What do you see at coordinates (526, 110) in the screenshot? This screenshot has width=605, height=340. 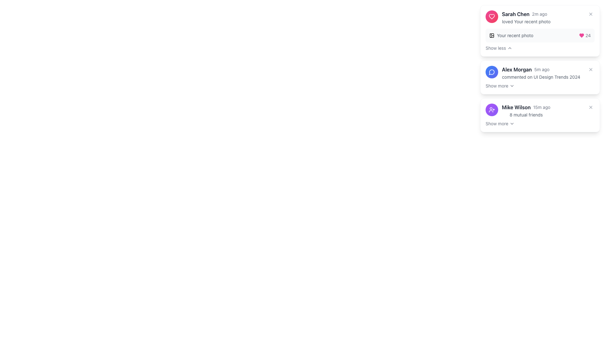 I see `the information display text block for user 'Mike Wilson'` at bounding box center [526, 110].